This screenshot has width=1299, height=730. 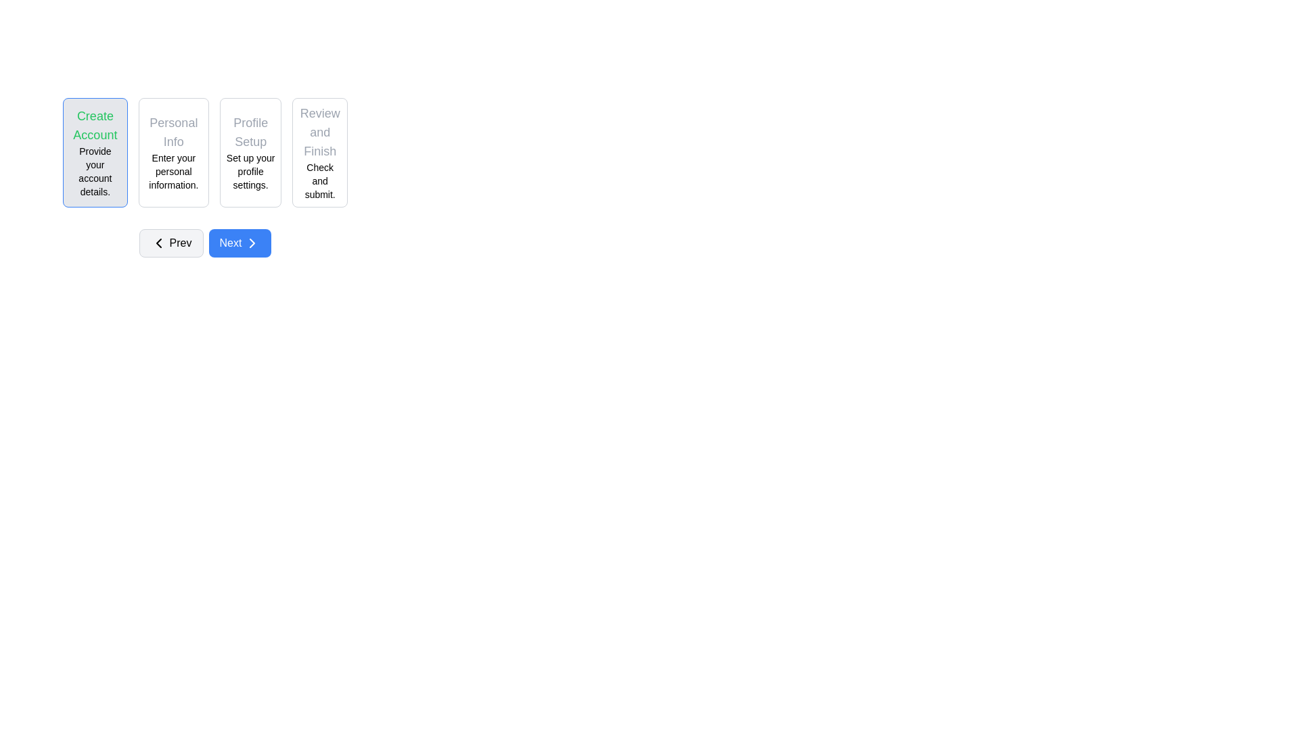 What do you see at coordinates (319, 132) in the screenshot?
I see `the text label that says 'Review and Finish', which is styled in gray and positioned at the top right of a box interface above the text 'Check and submit'` at bounding box center [319, 132].